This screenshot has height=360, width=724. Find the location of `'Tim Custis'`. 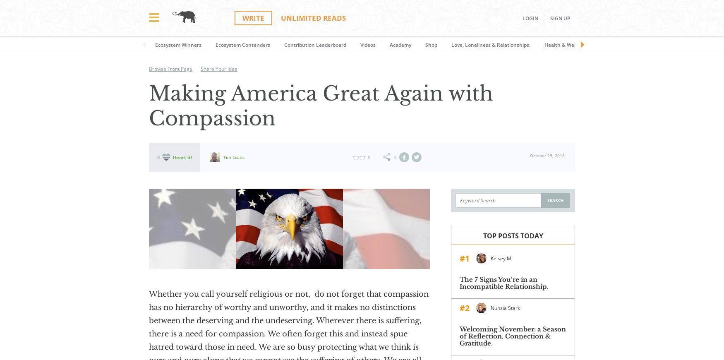

'Tim Custis' is located at coordinates (234, 157).